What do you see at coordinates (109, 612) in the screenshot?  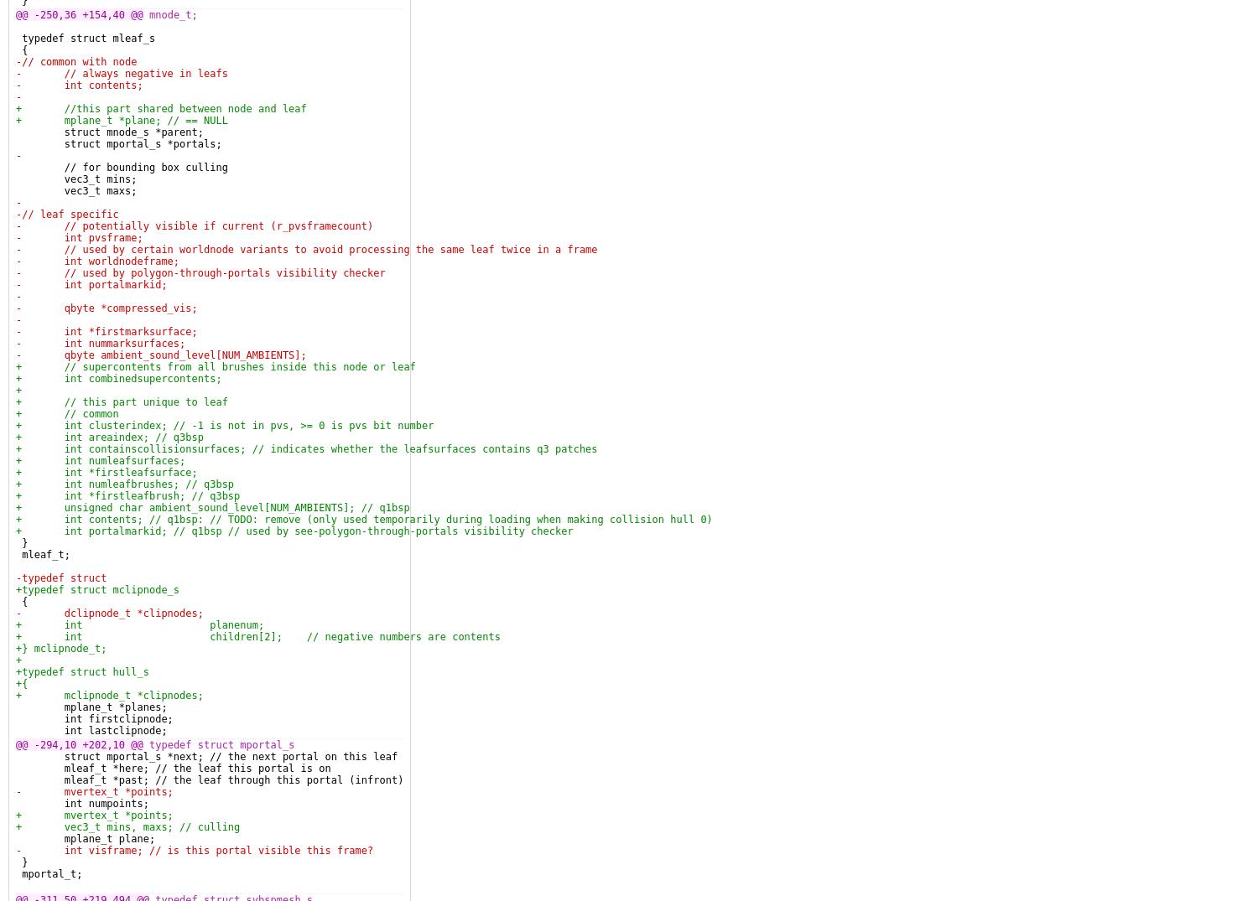 I see `'-       dclipnode_t *clipnodes;'` at bounding box center [109, 612].